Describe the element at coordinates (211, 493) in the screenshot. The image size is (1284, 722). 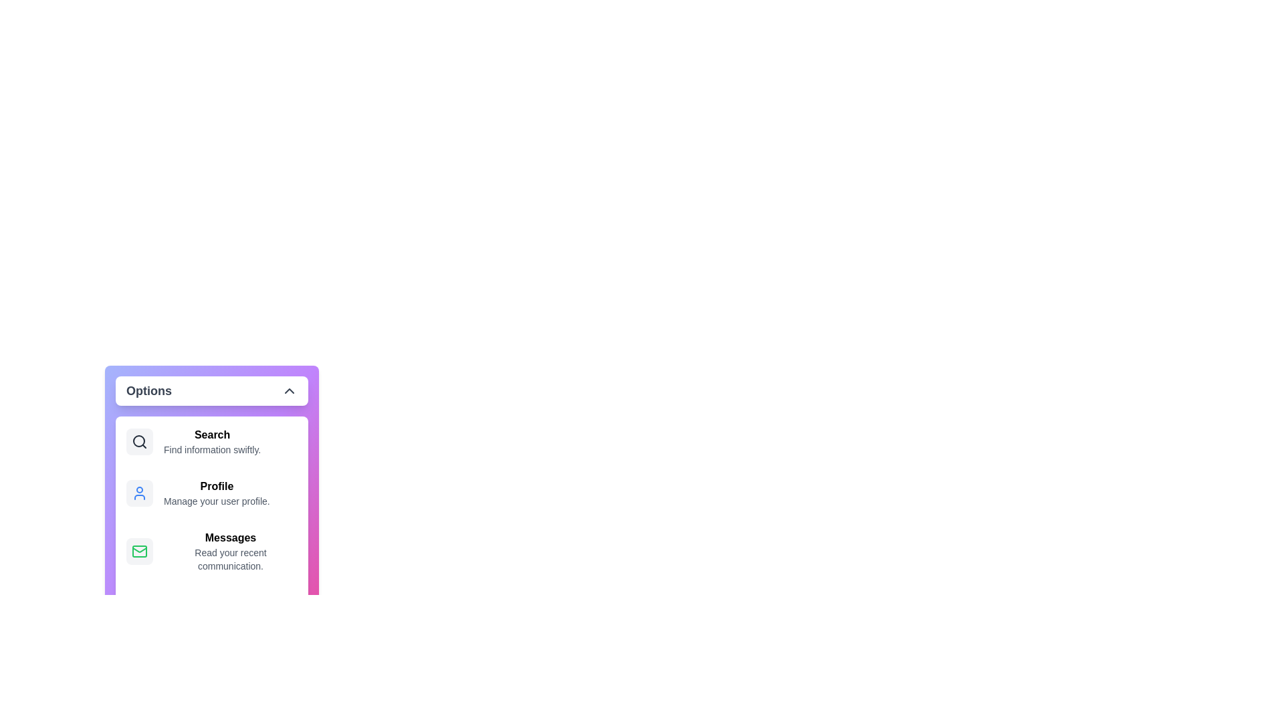
I see `the menu item Profile to select it` at that location.